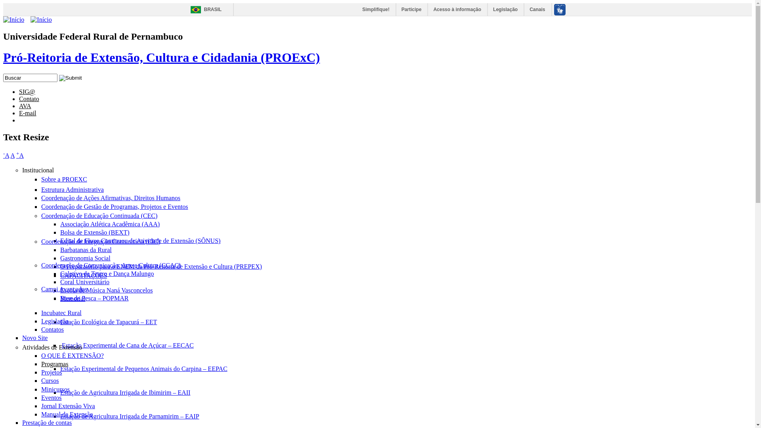 This screenshot has width=761, height=428. What do you see at coordinates (73, 298) in the screenshot?
I see `'Memorial'` at bounding box center [73, 298].